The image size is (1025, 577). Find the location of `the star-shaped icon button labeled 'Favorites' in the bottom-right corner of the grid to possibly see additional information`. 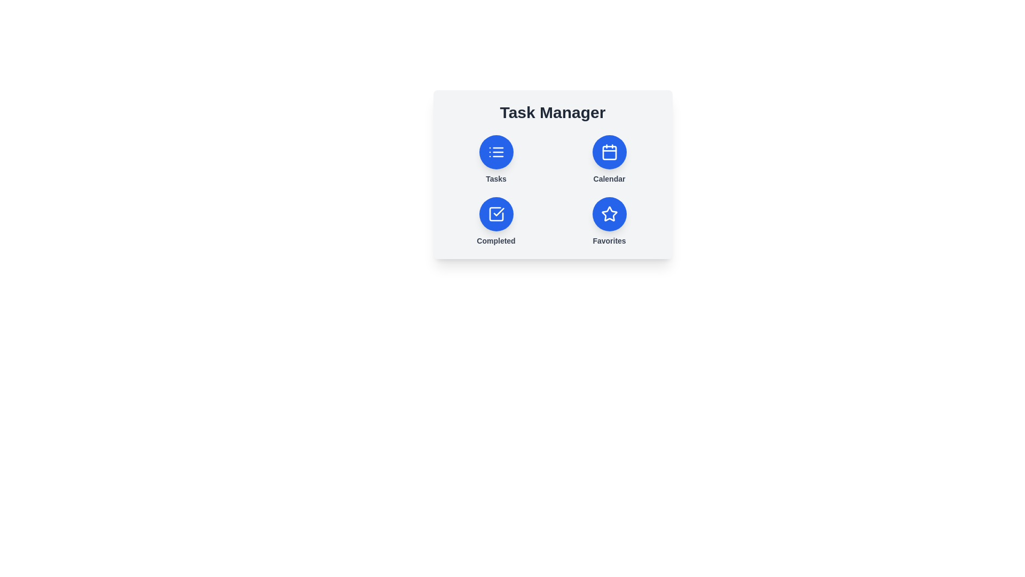

the star-shaped icon button labeled 'Favorites' in the bottom-right corner of the grid to possibly see additional information is located at coordinates (609, 214).